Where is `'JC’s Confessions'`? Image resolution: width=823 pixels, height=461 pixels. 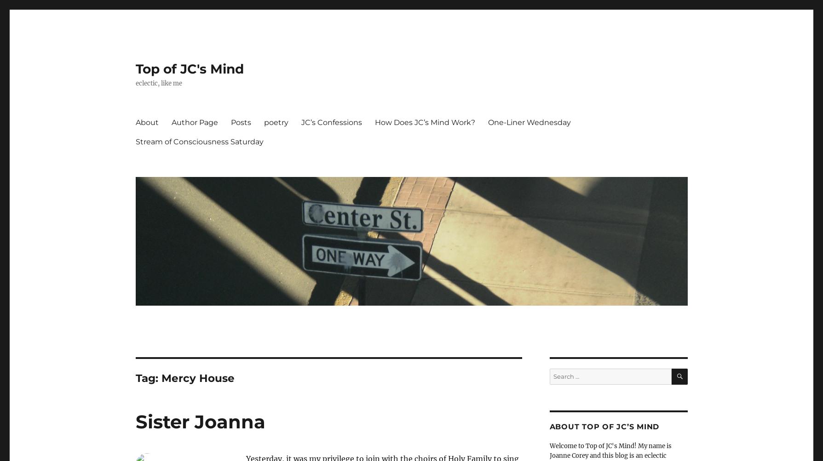 'JC’s Confessions' is located at coordinates (301, 122).